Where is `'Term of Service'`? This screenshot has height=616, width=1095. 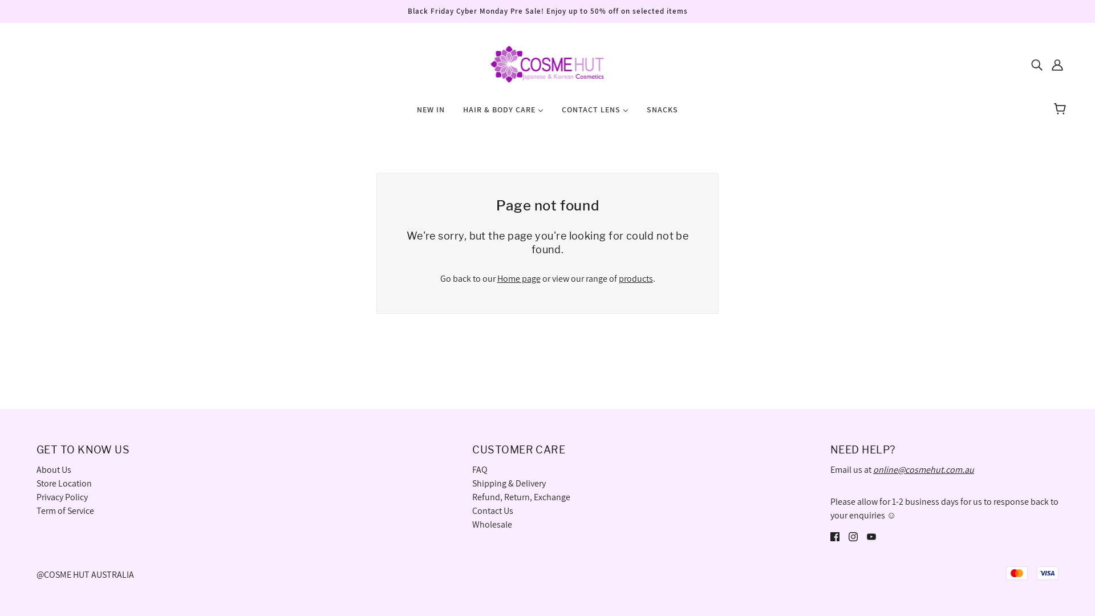
'Term of Service' is located at coordinates (64, 510).